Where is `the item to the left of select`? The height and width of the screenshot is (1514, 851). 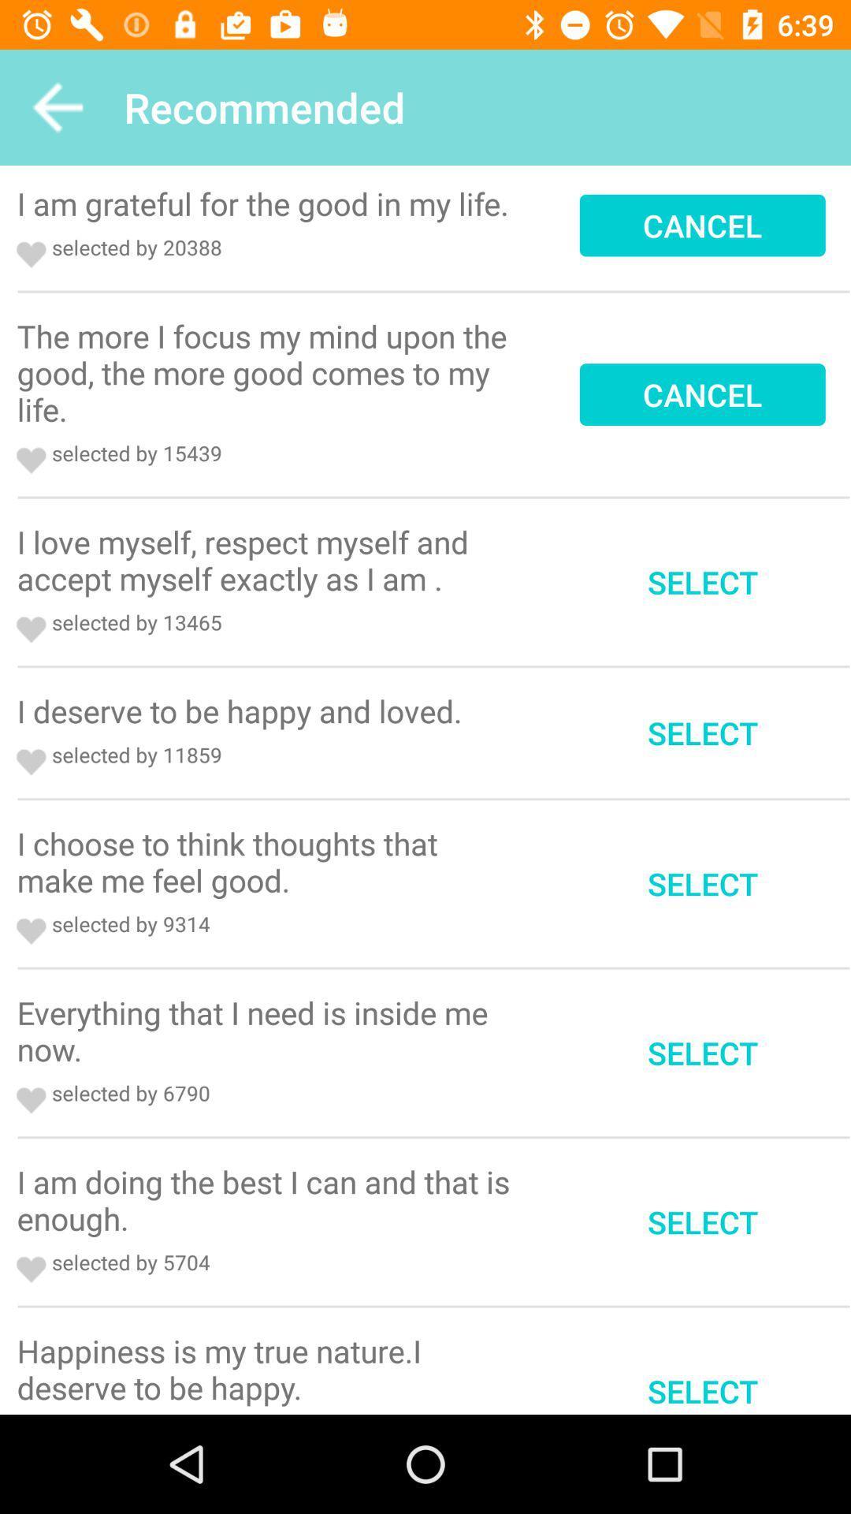 the item to the left of select is located at coordinates (268, 560).